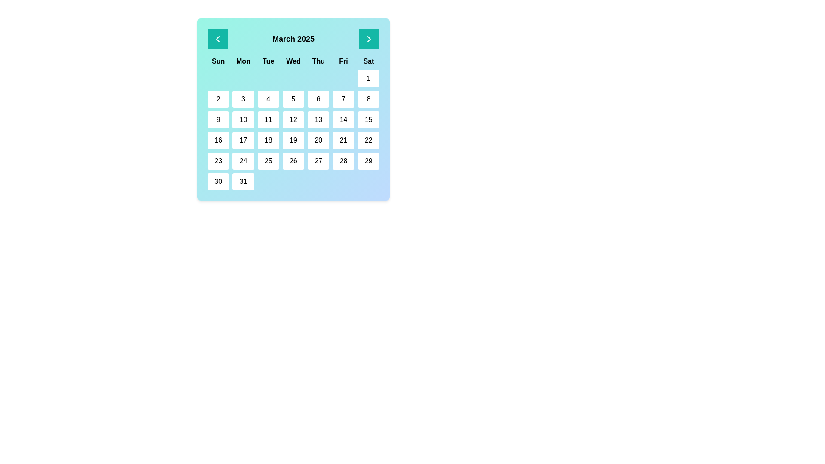 The image size is (825, 464). I want to click on the rounded rectangular button labeled '13' located under the 'Thu' column in the calendar grid to observe its visual feedback, so click(318, 119).